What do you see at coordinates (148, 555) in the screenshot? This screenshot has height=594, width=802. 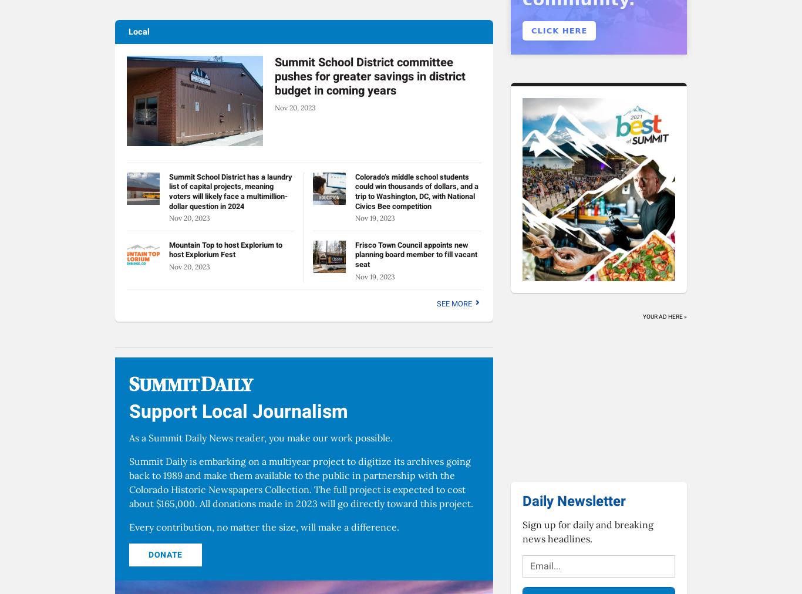 I see `'Donate'` at bounding box center [148, 555].